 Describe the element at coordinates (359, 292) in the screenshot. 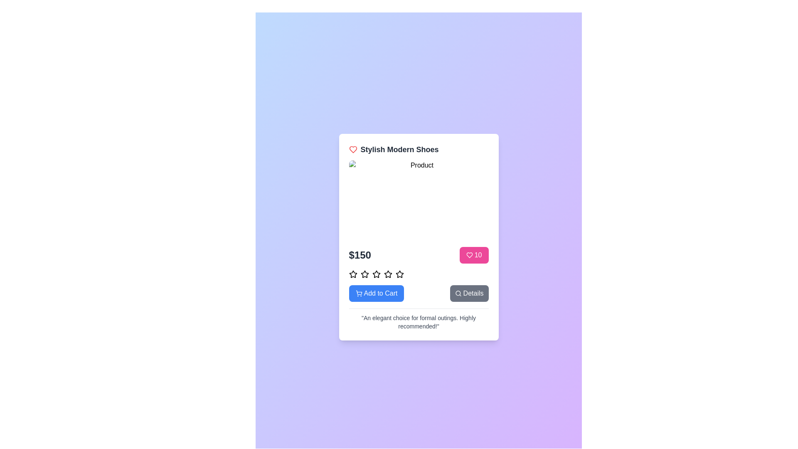

I see `the shopping cart icon, which features a minimalistic line-based design and is located near the 'Add to Cart' button` at that location.